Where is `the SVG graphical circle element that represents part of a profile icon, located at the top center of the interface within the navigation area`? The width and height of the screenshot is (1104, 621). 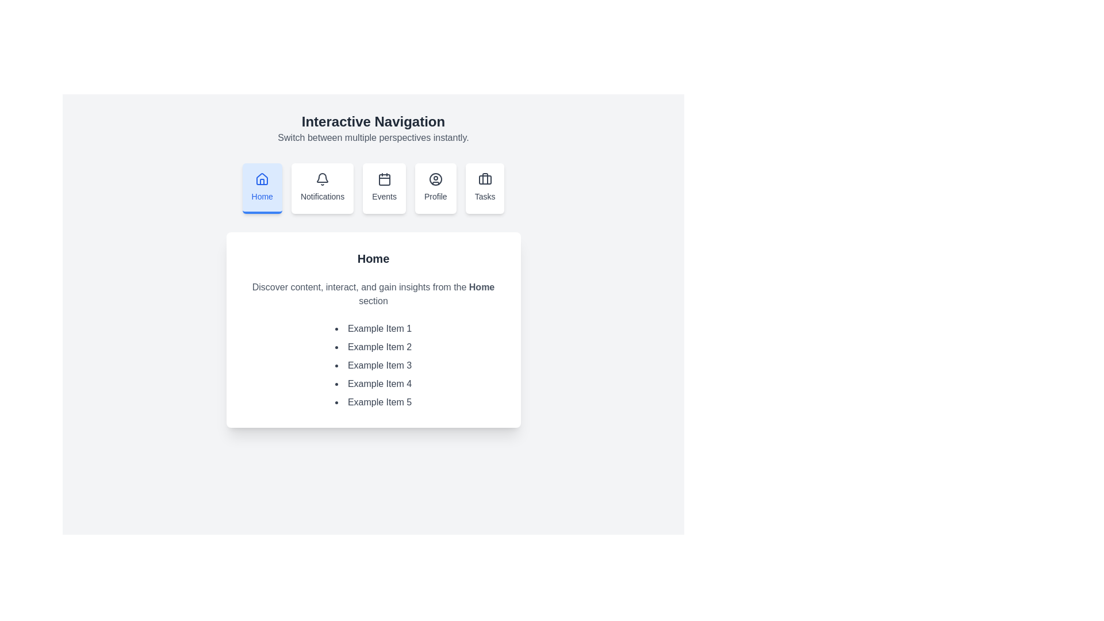 the SVG graphical circle element that represents part of a profile icon, located at the top center of the interface within the navigation area is located at coordinates (435, 179).